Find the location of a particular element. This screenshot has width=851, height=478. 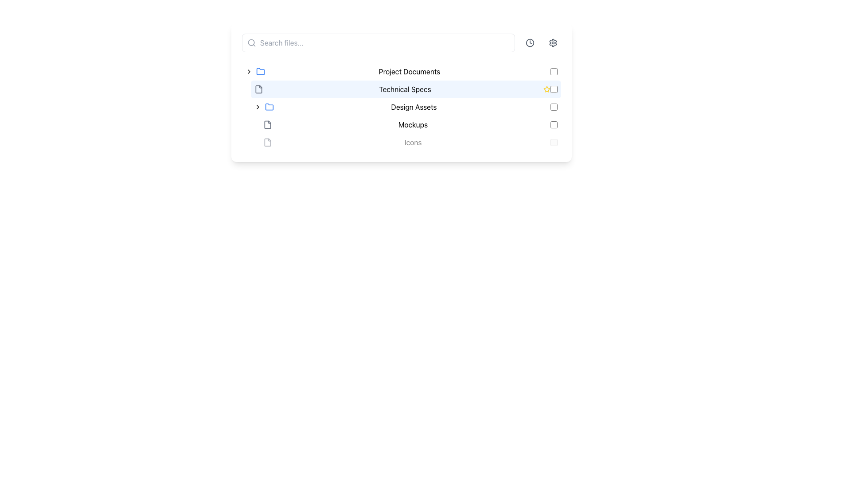

the Icon representing the document or file associated with the 'Technical Specs' label to trigger hover effects is located at coordinates (267, 124).